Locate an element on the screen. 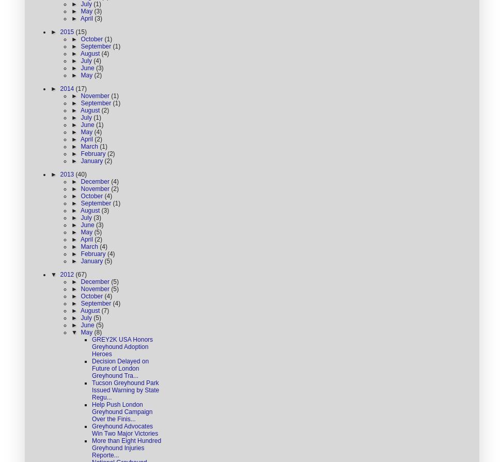 This screenshot has height=462, width=500. 'Greyhound Advocates Win Two Major Victories' is located at coordinates (92, 429).